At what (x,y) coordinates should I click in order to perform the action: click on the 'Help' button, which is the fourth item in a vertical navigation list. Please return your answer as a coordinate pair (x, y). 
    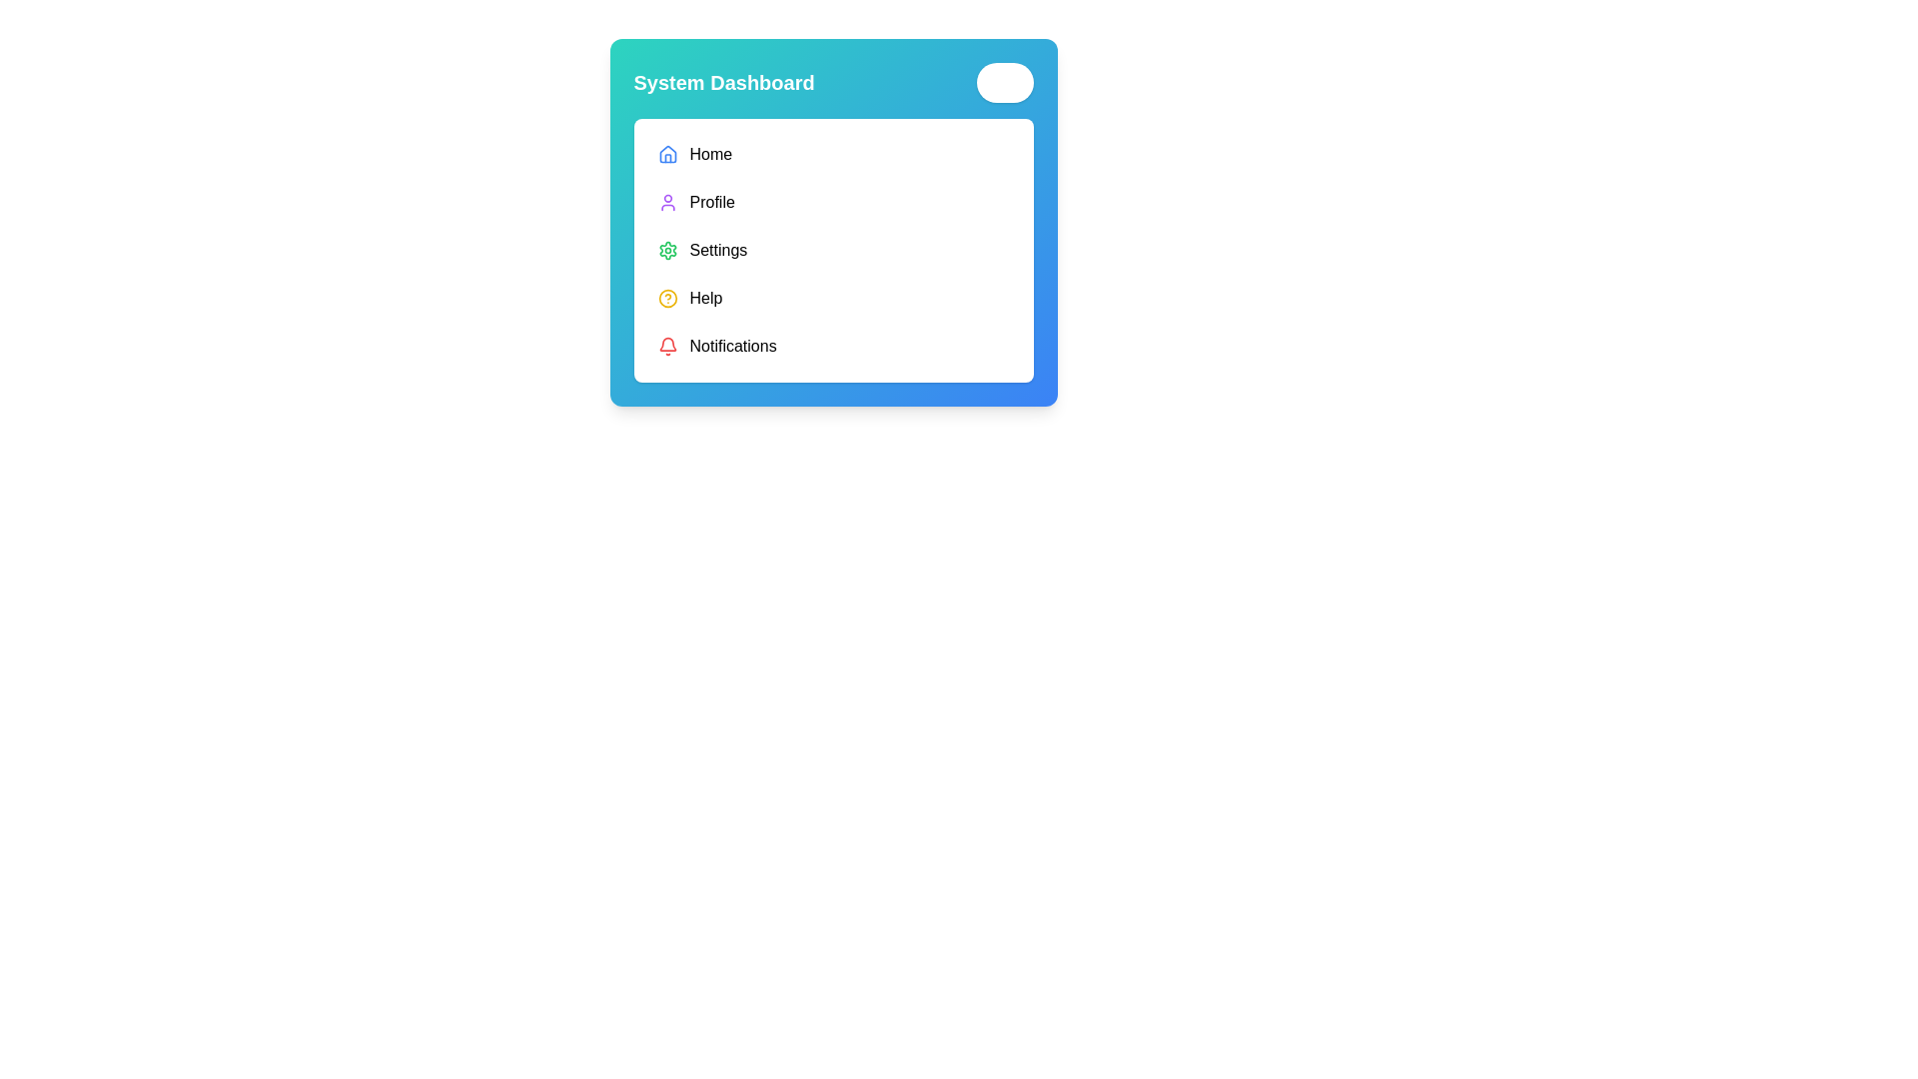
    Looking at the image, I should click on (833, 299).